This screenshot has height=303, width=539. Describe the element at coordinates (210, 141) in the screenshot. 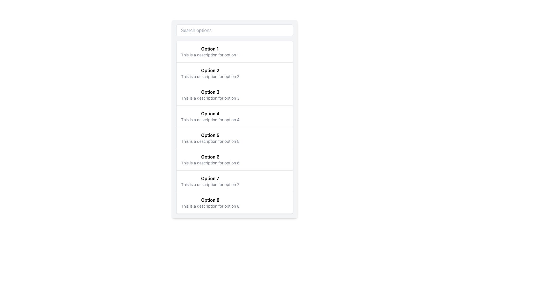

I see `the descriptive text for the fifth option in the list located directly below the main title 'Option 5'` at that location.